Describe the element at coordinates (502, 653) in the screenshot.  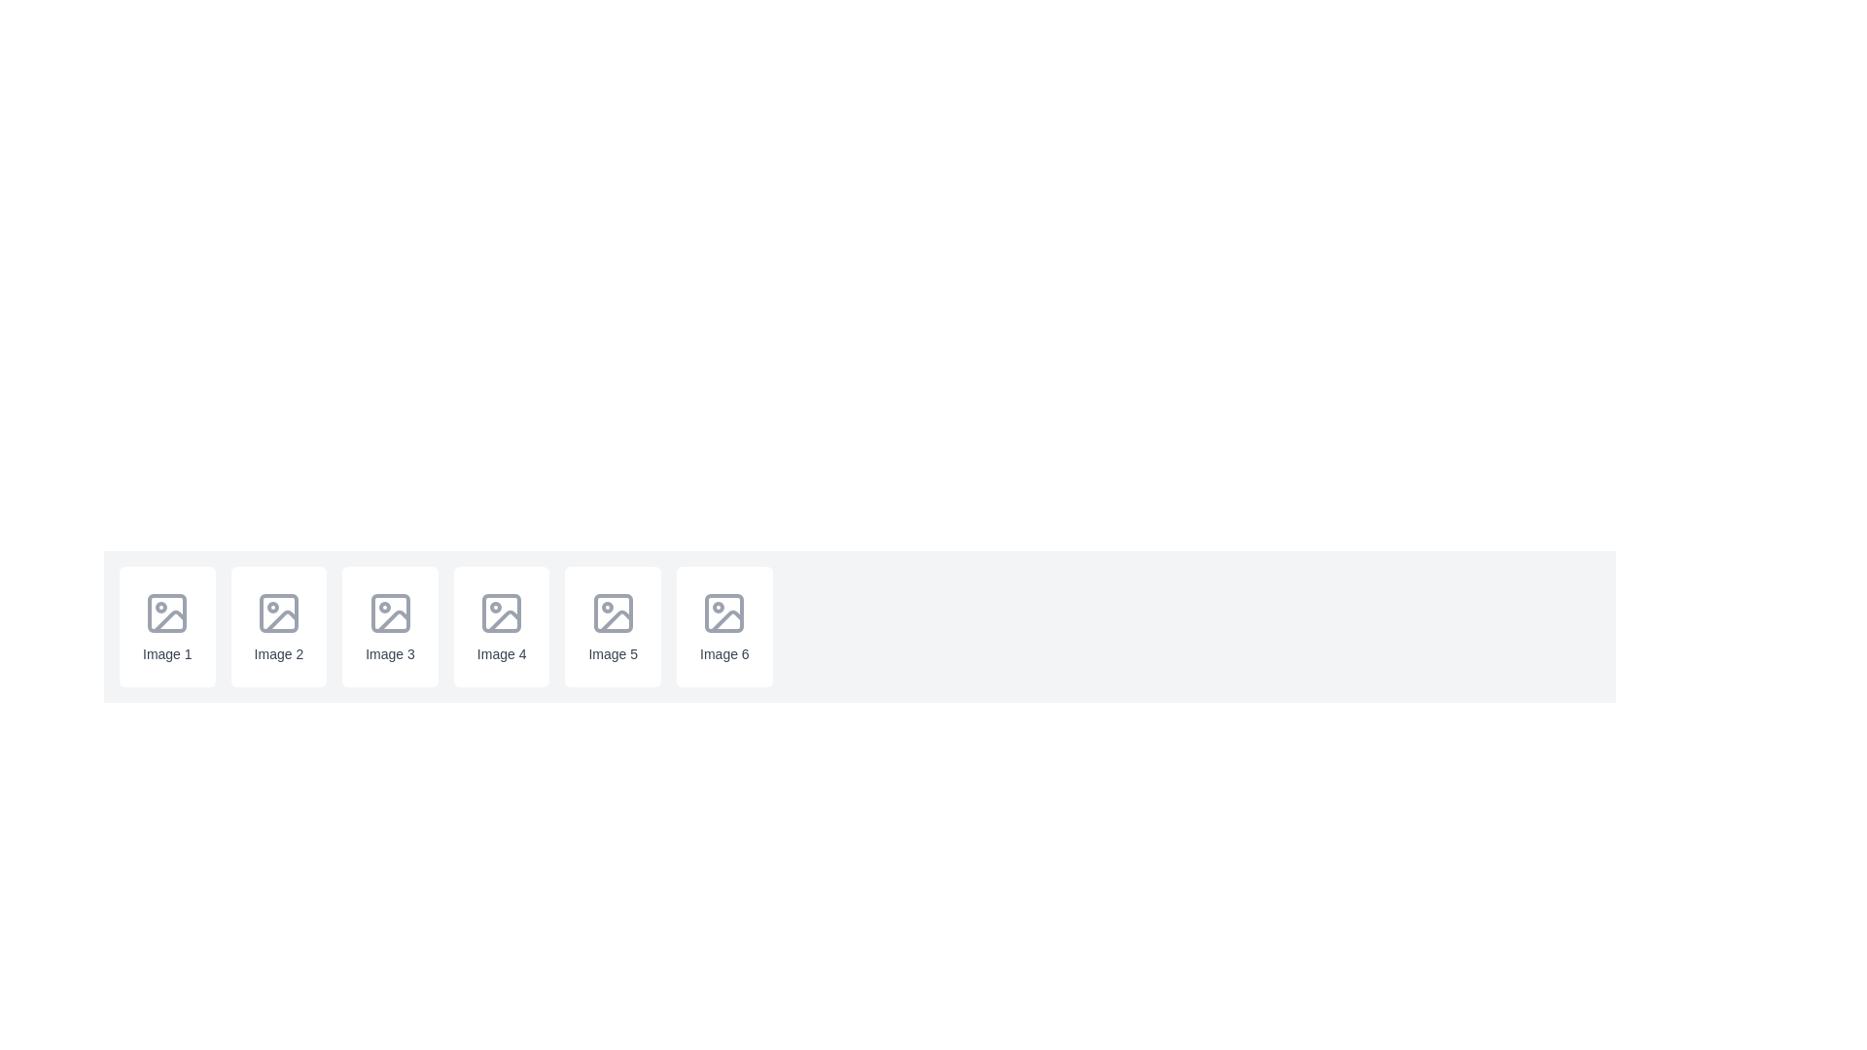
I see `text content of the label displaying 'Image 4', which is styled with a smaller font size and gray color, positioned beneath its corresponding image icon` at that location.